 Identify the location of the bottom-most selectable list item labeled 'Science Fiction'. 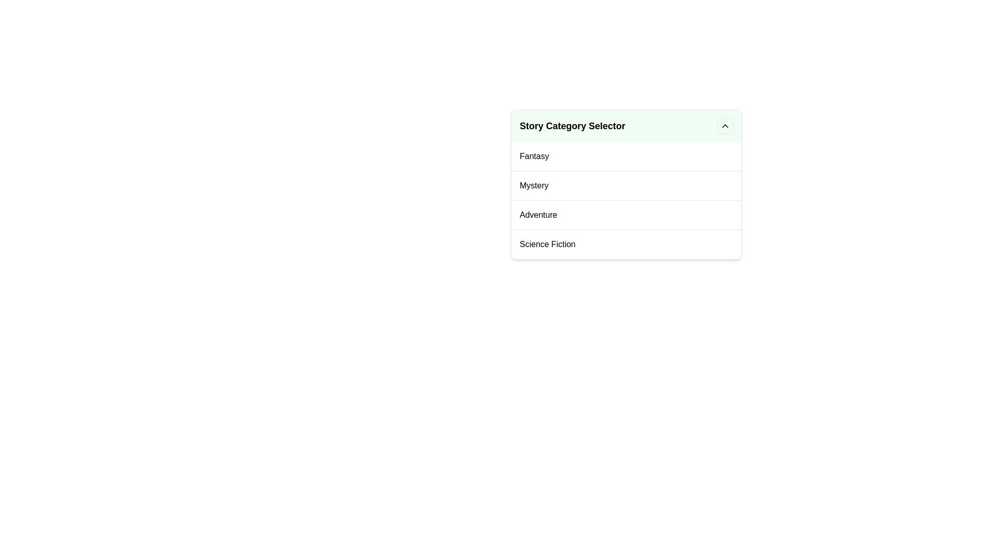
(547, 244).